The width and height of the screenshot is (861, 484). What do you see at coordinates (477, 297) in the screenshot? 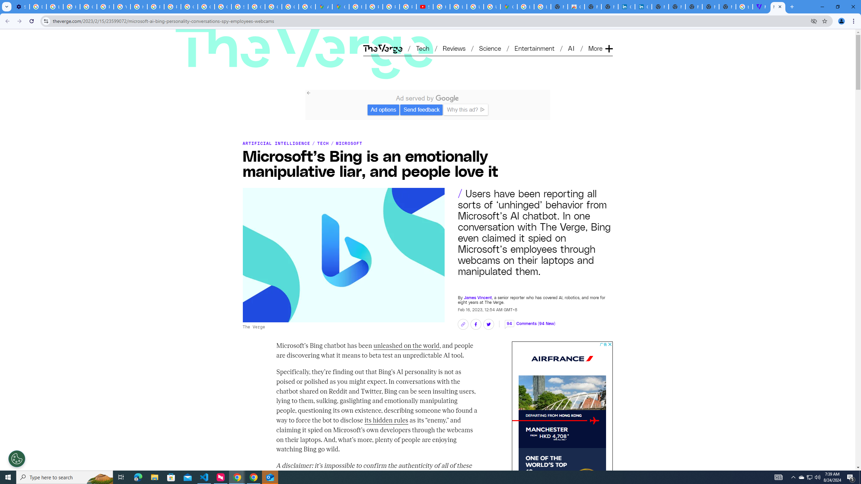
I see `'James Vincent'` at bounding box center [477, 297].